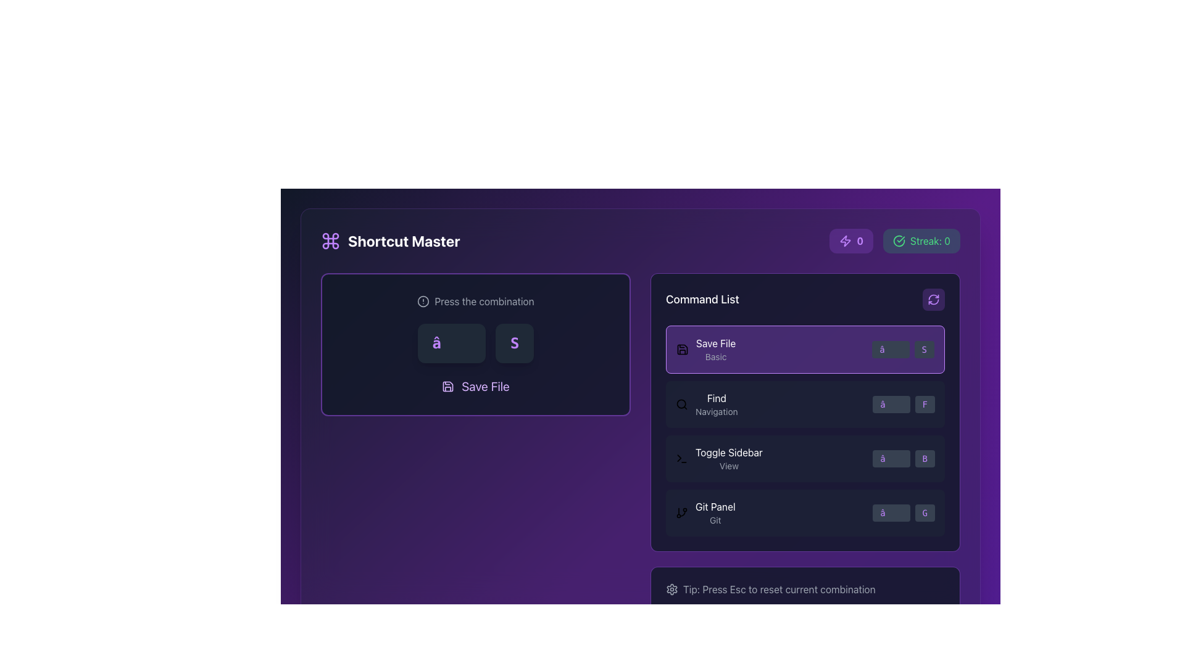 The height and width of the screenshot is (666, 1185). What do you see at coordinates (717, 398) in the screenshot?
I see `the text label reading 'Find' in white on a dark background, located in the right-side panel of the 'Command List' interface, associated with a magnifying glass icon and the subtitle 'Navigation'` at bounding box center [717, 398].